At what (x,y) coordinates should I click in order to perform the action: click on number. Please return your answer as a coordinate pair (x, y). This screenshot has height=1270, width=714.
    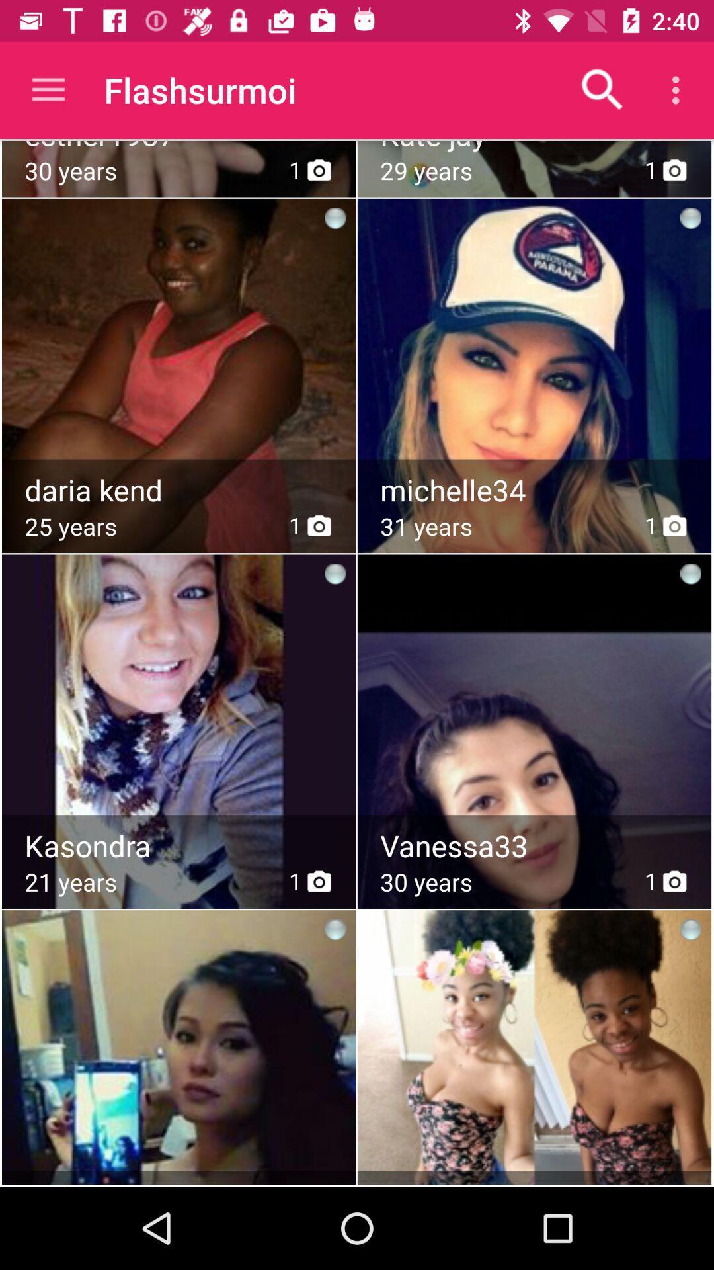
    Looking at the image, I should click on (535, 489).